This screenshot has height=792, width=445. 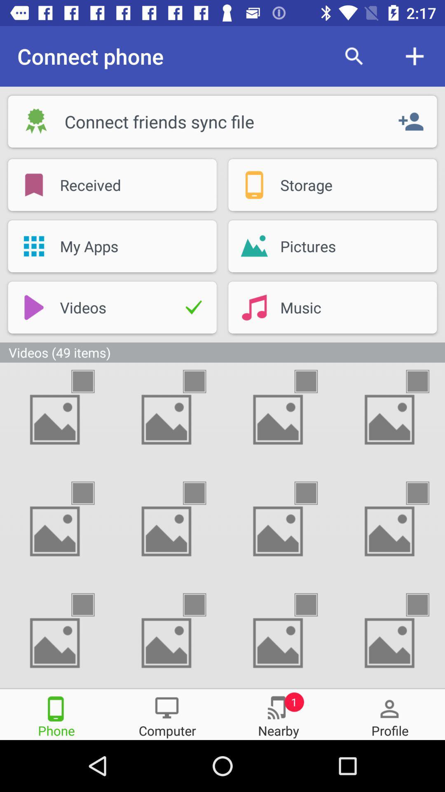 What do you see at coordinates (90, 381) in the screenshot?
I see `delete this video` at bounding box center [90, 381].